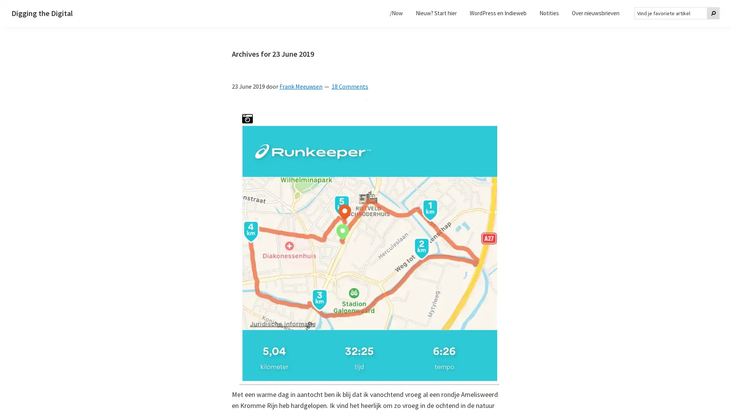 The image size is (731, 411). What do you see at coordinates (713, 13) in the screenshot?
I see `Search` at bounding box center [713, 13].